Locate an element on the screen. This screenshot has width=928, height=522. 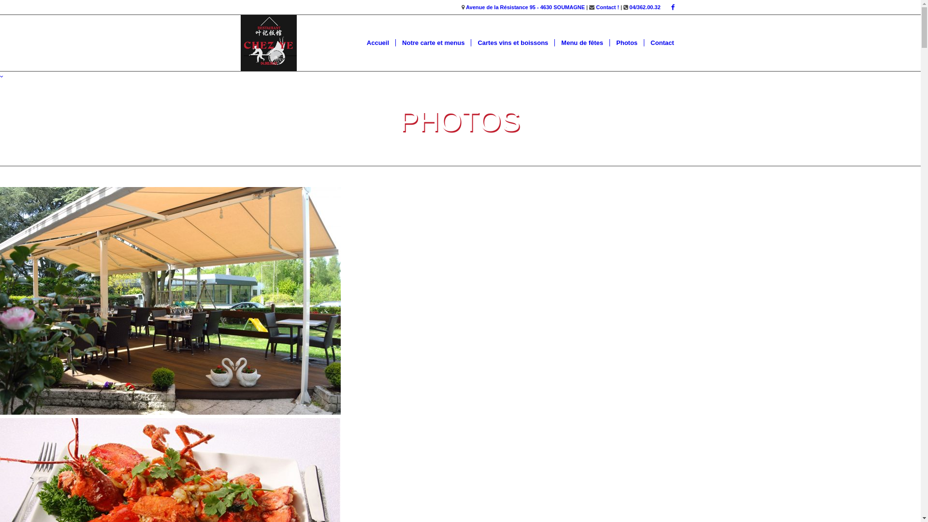
'Notre carte et menus' is located at coordinates (433, 42).